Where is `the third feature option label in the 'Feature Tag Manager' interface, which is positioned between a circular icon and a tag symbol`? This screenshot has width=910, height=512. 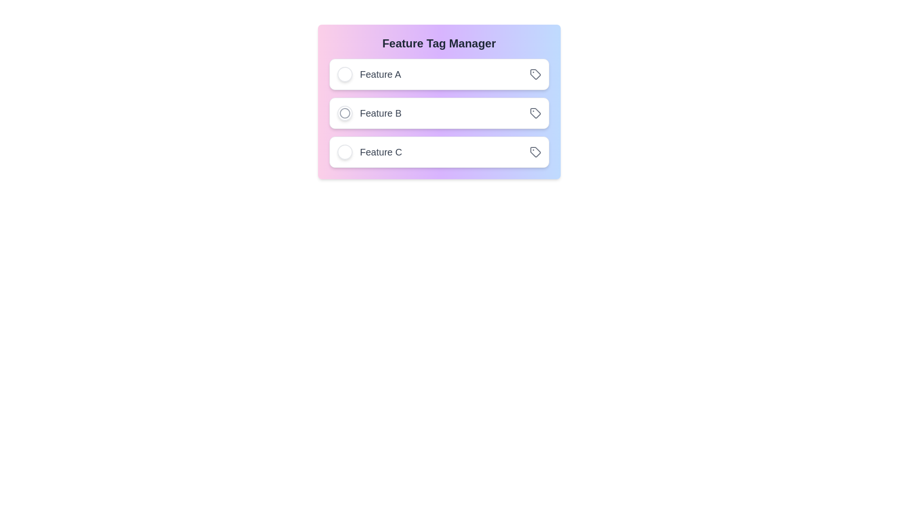 the third feature option label in the 'Feature Tag Manager' interface, which is positioned between a circular icon and a tag symbol is located at coordinates (381, 151).